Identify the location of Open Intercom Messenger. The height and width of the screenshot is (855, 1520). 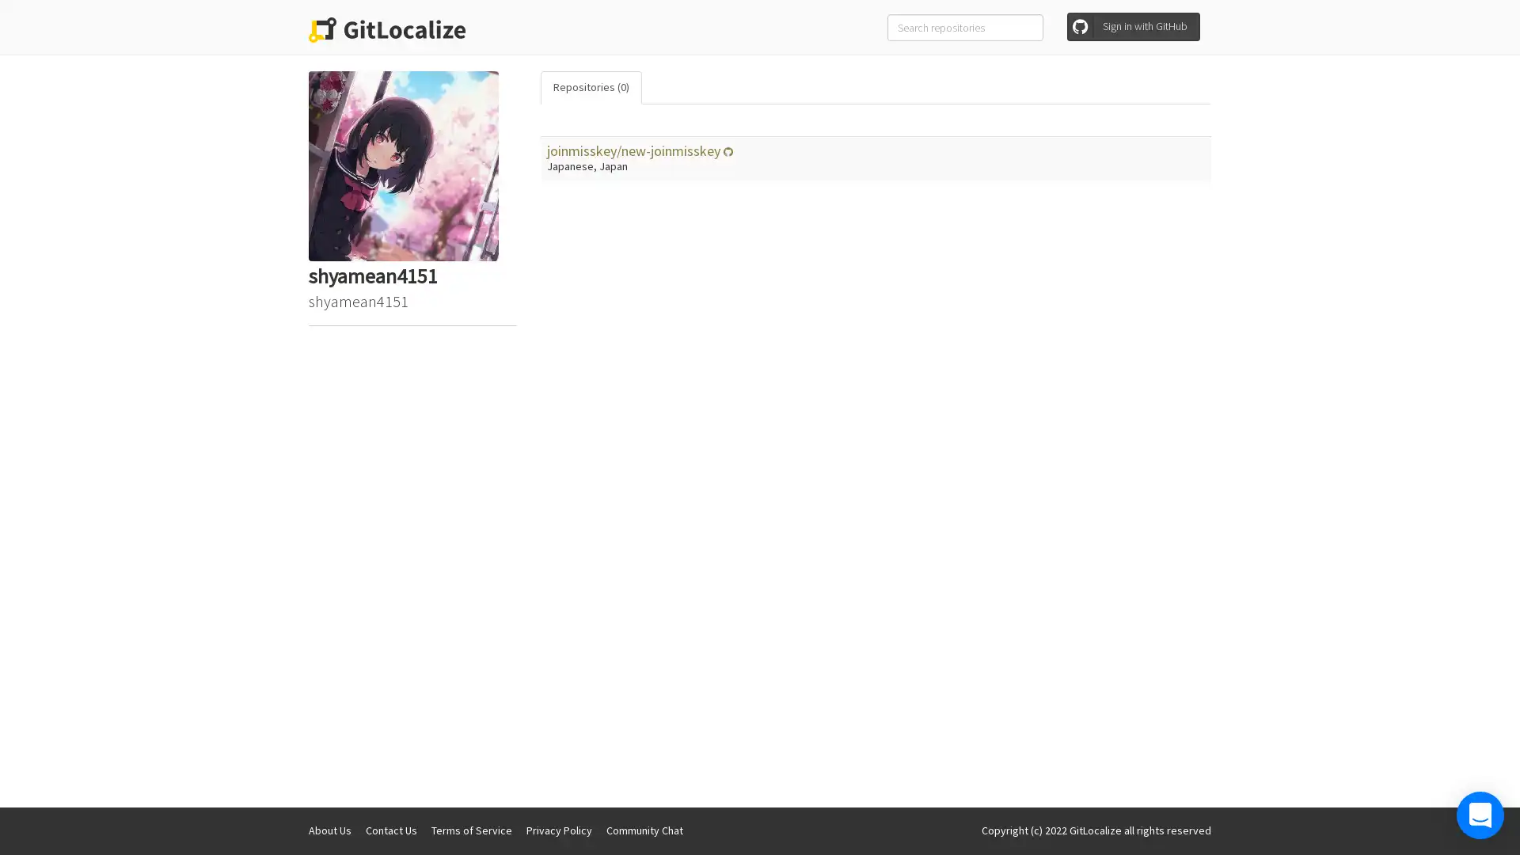
(1480, 815).